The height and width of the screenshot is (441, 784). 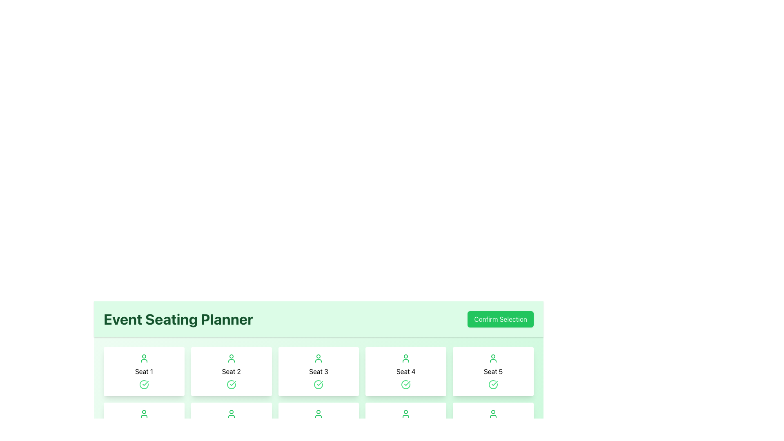 What do you see at coordinates (231, 358) in the screenshot?
I see `the user icon displayed in a minimalist line drawing style, colored green, located centrally within the 'Seat 2' box, positioned above the green check mark and below the header text` at bounding box center [231, 358].